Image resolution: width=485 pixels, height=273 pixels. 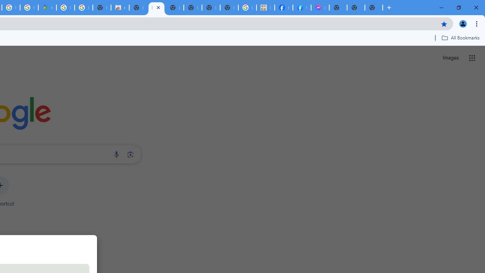 What do you see at coordinates (119, 8) in the screenshot?
I see `'Chrome Web Store'` at bounding box center [119, 8].